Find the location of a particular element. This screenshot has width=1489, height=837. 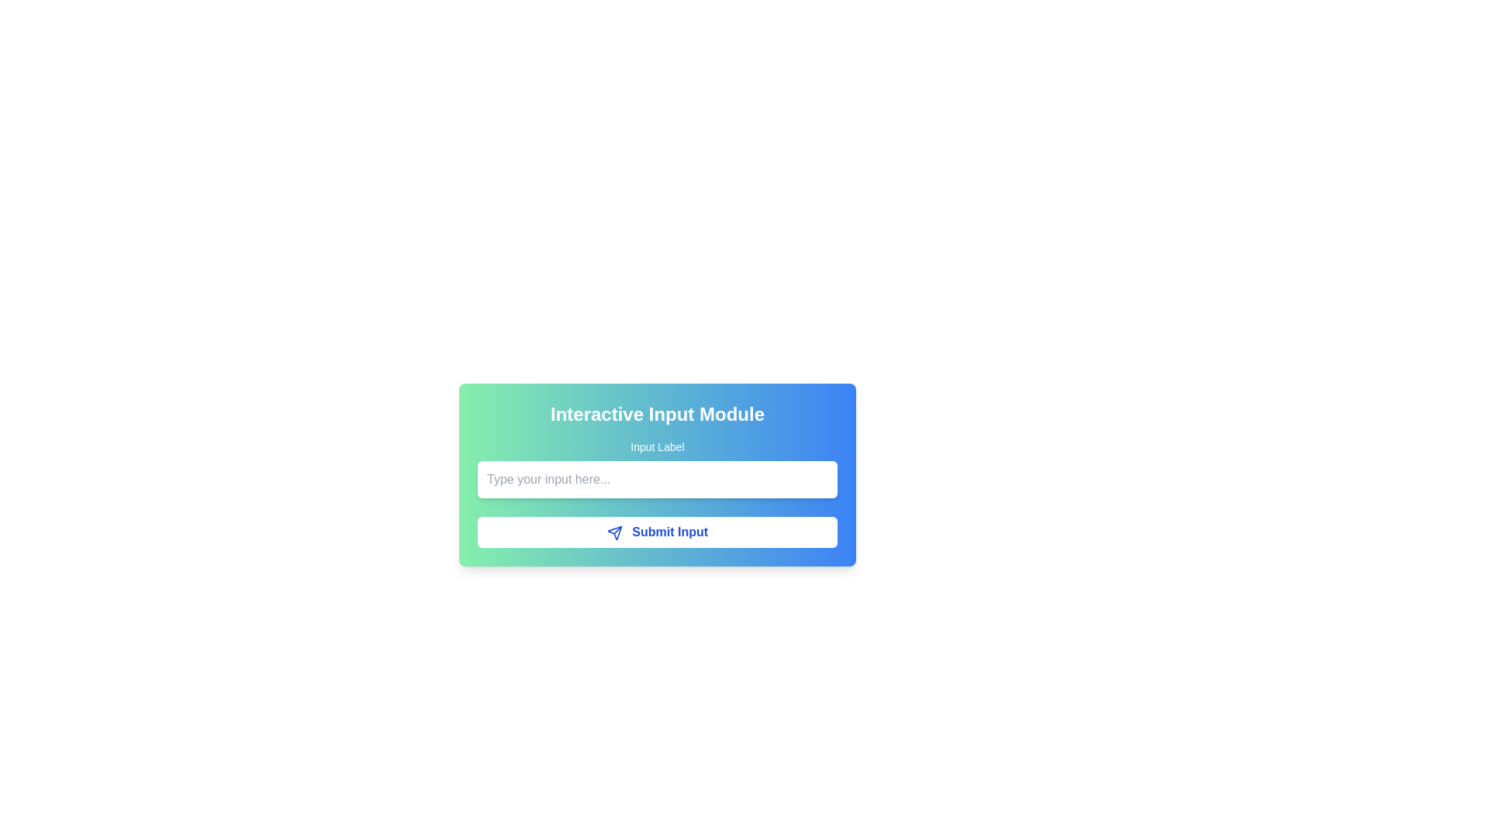

the blue-colored send icon that resembles a paper plane, located within the 'Submit Input' button at the bottom-right of the interactive input module is located at coordinates (613, 532).